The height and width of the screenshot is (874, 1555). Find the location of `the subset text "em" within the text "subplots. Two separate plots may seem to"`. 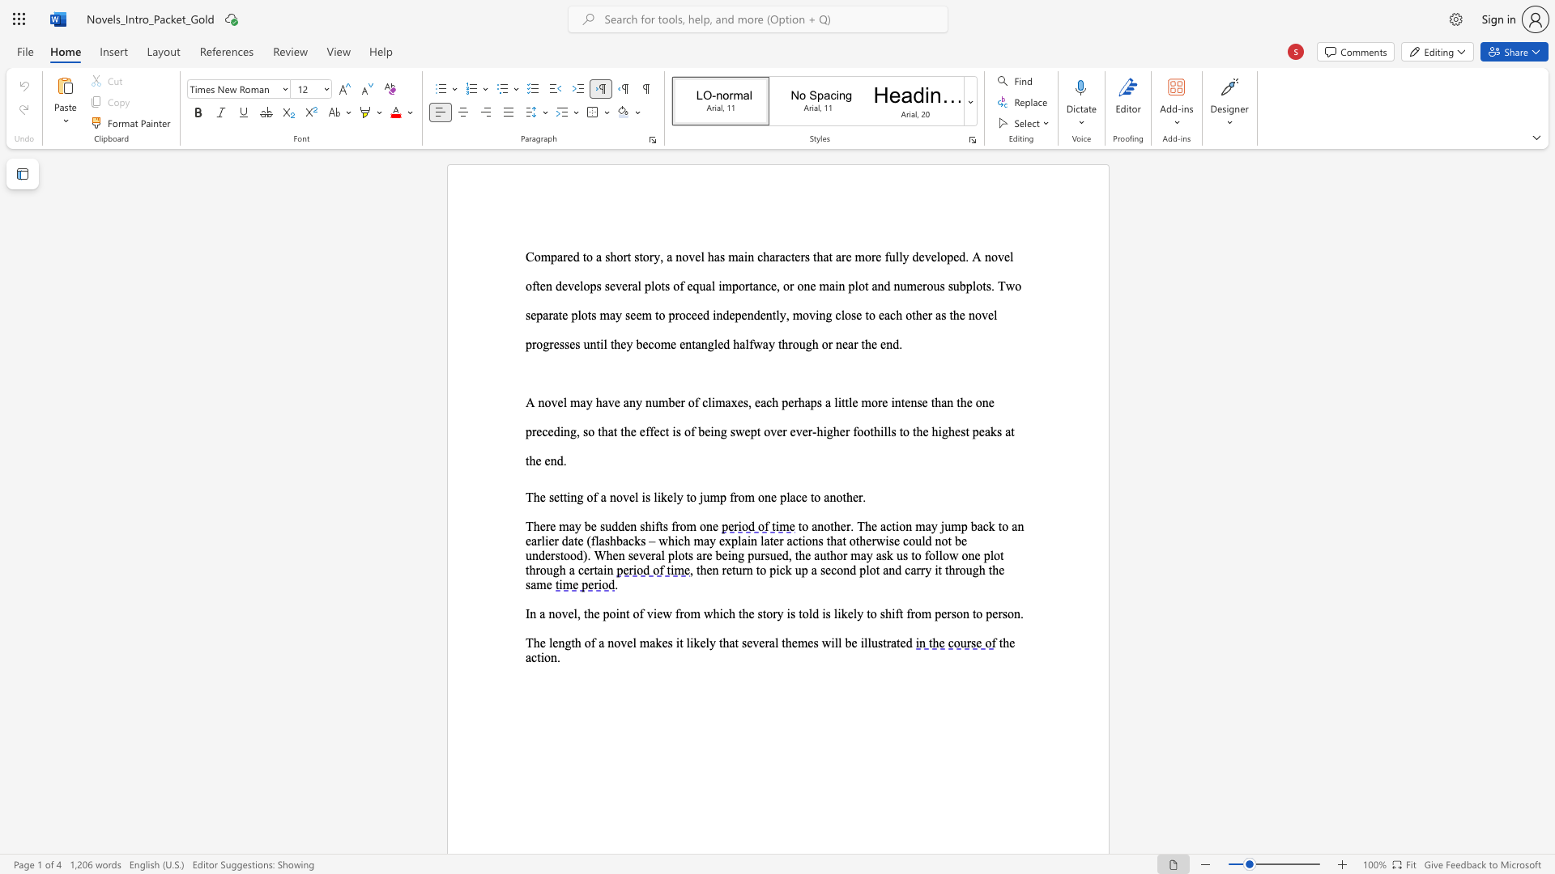

the subset text "em" within the text "subplots. Two separate plots may seem to" is located at coordinates (635, 315).